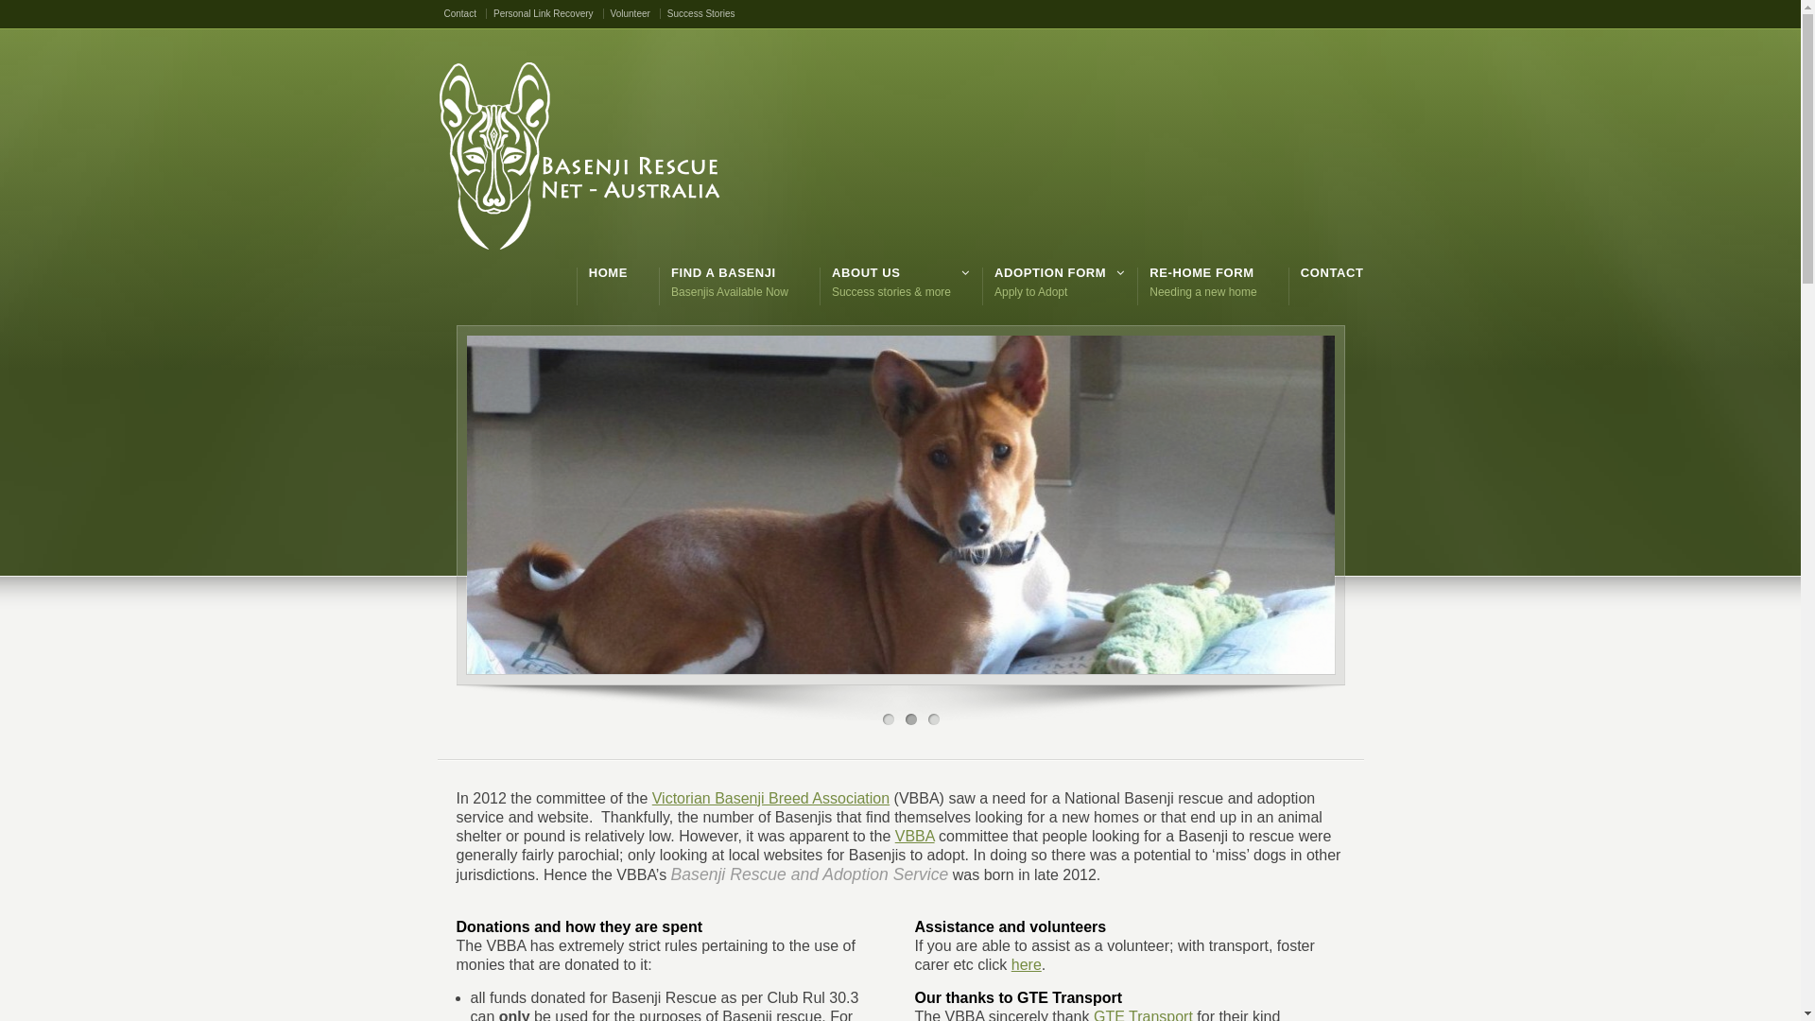 Image resolution: width=1815 pixels, height=1021 pixels. What do you see at coordinates (729, 281) in the screenshot?
I see `'FIND A BASENJI` at bounding box center [729, 281].